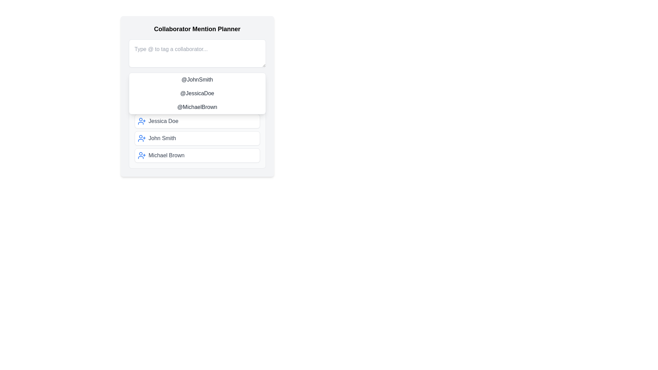 The width and height of the screenshot is (658, 370). I want to click on the interactive text label '@JessicaDoe' in the dropdown menu, so click(197, 94).